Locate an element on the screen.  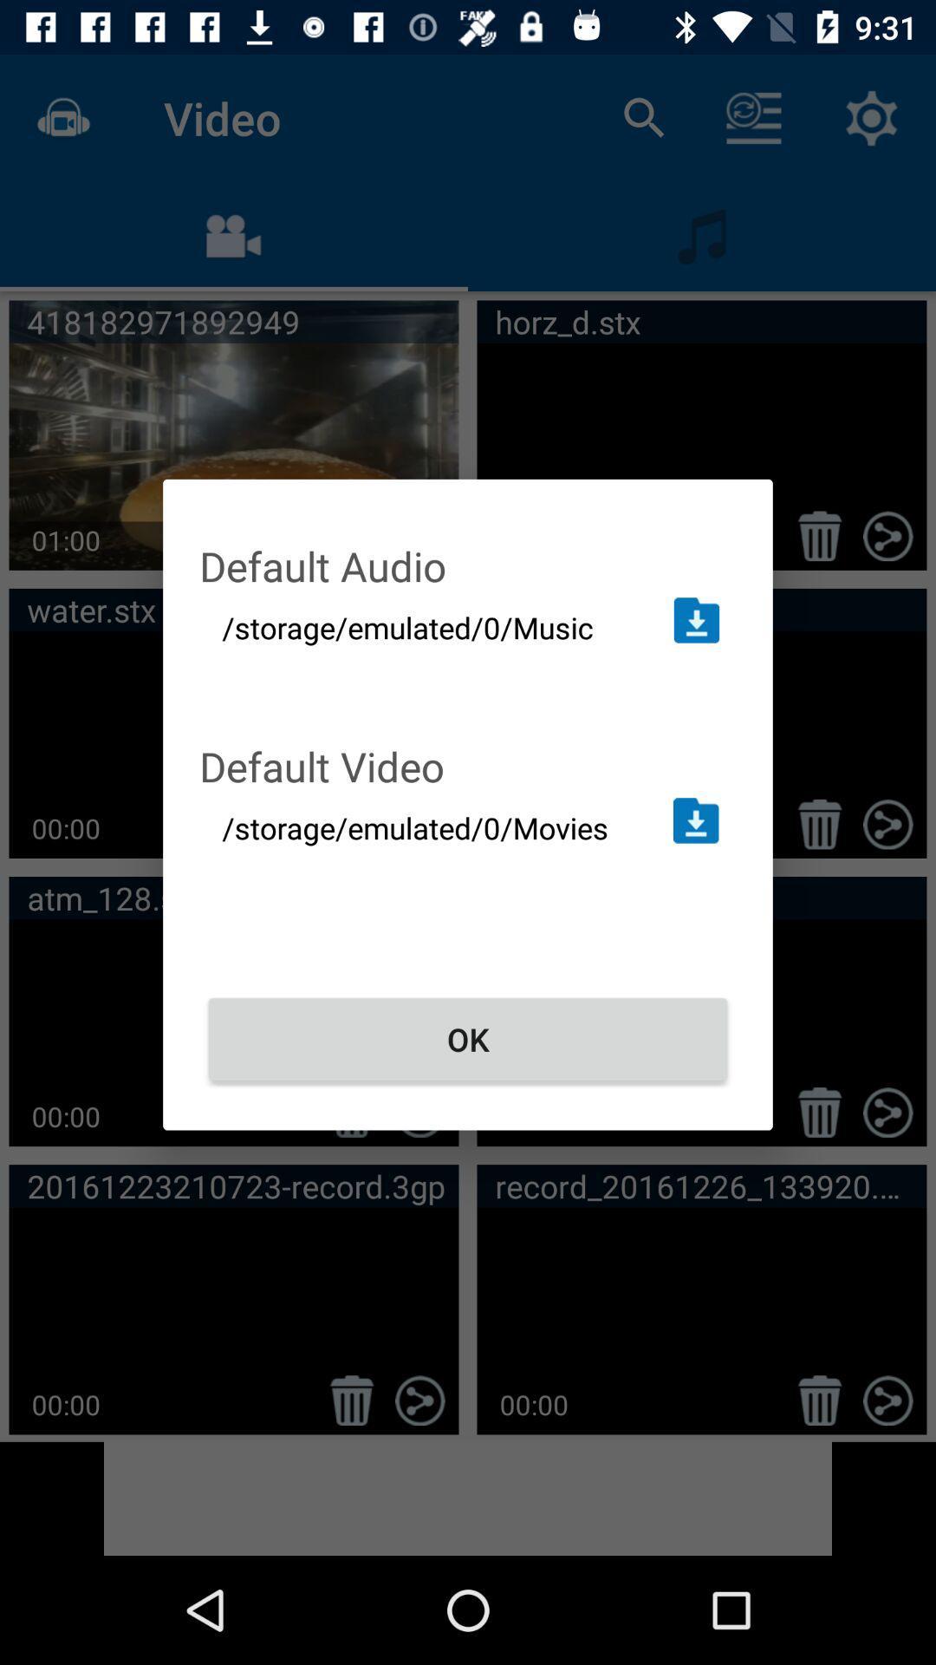
change folder is located at coordinates (695, 620).